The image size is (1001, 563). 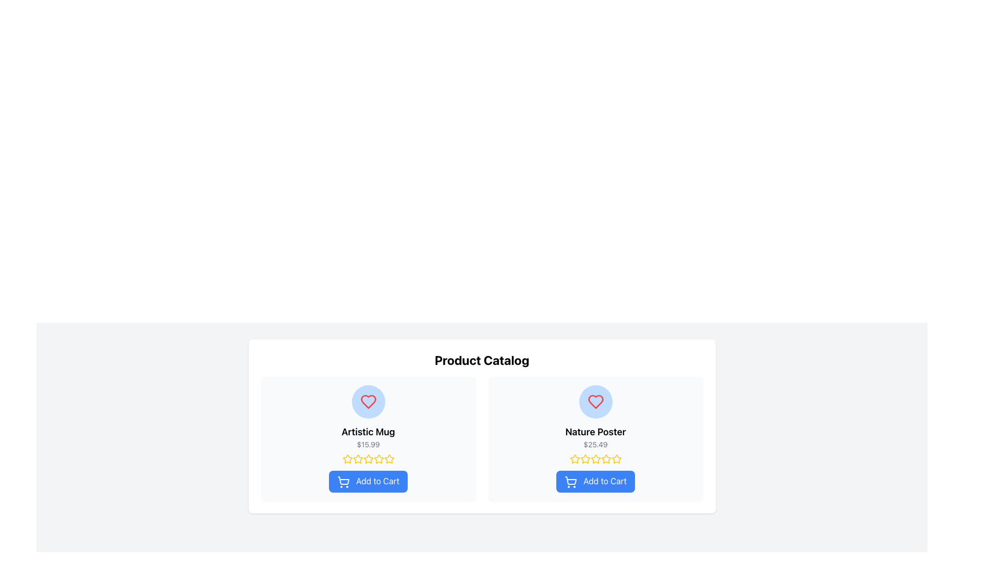 What do you see at coordinates (368, 458) in the screenshot?
I see `the third rating star icon representing a rating level of '3' for the product 'Artistic Mug'` at bounding box center [368, 458].